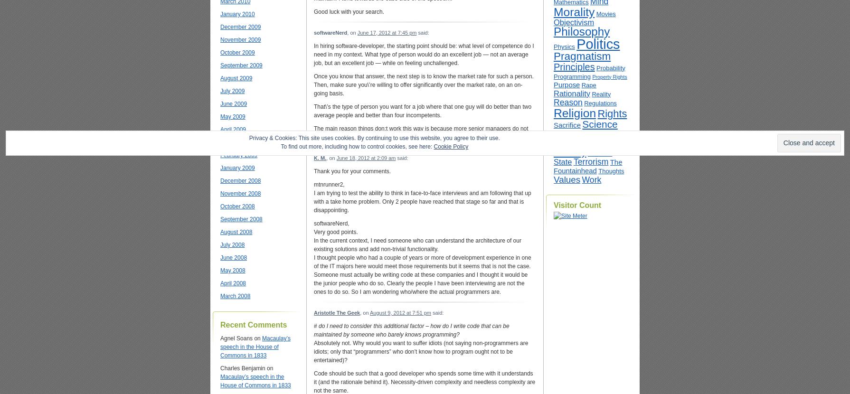 The image size is (850, 394). Describe the element at coordinates (313, 31) in the screenshot. I see `'softwareNerd'` at that location.